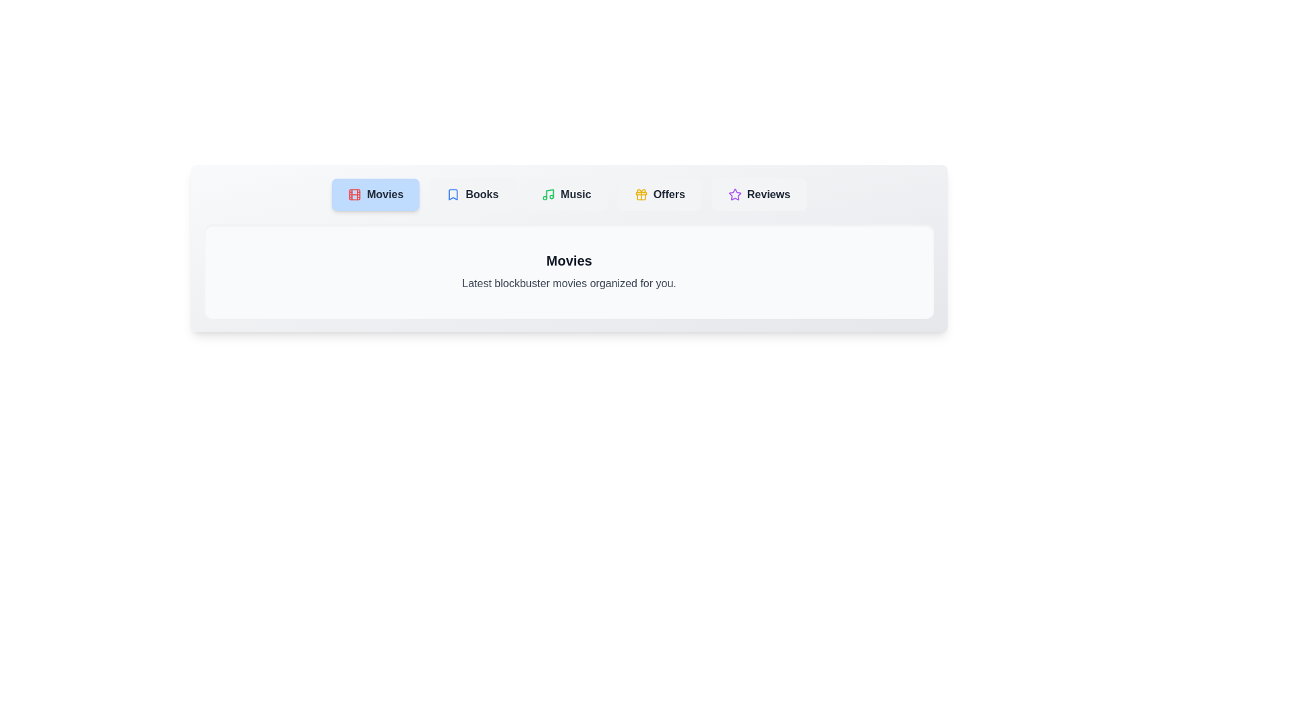 The height and width of the screenshot is (728, 1295). Describe the element at coordinates (567, 195) in the screenshot. I see `the tab labeled Music to switch to its content` at that location.